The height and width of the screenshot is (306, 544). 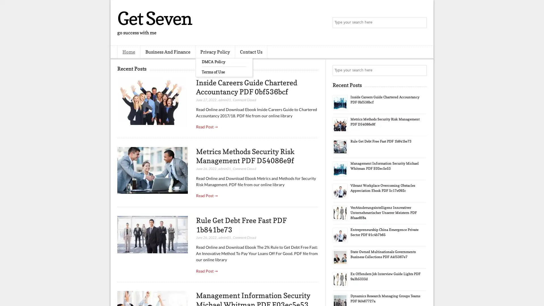 What do you see at coordinates (421, 23) in the screenshot?
I see `Search` at bounding box center [421, 23].